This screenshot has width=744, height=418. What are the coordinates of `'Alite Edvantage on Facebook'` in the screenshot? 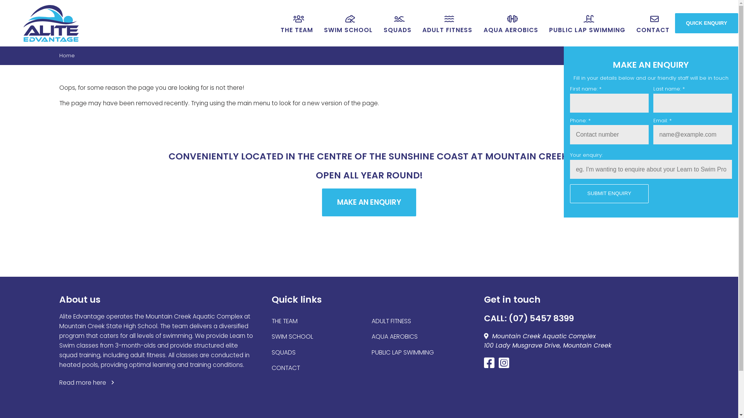 It's located at (490, 365).